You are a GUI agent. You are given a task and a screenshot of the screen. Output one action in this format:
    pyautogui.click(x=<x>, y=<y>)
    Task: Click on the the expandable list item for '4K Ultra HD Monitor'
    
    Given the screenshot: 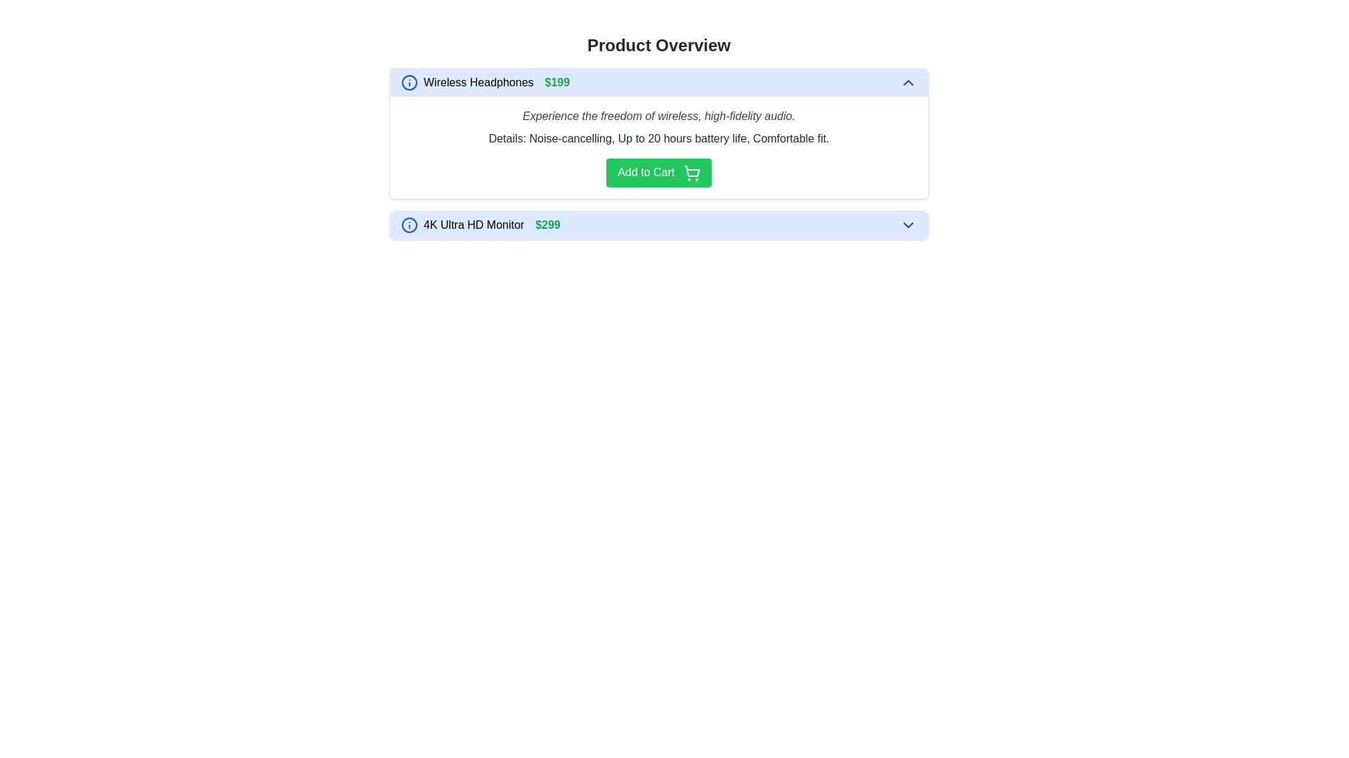 What is the action you would take?
    pyautogui.click(x=658, y=224)
    